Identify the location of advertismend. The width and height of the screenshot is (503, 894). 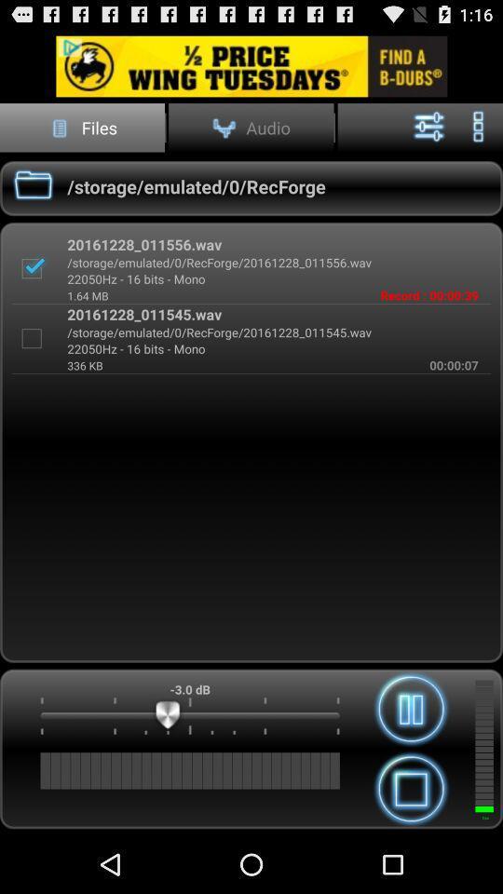
(251, 66).